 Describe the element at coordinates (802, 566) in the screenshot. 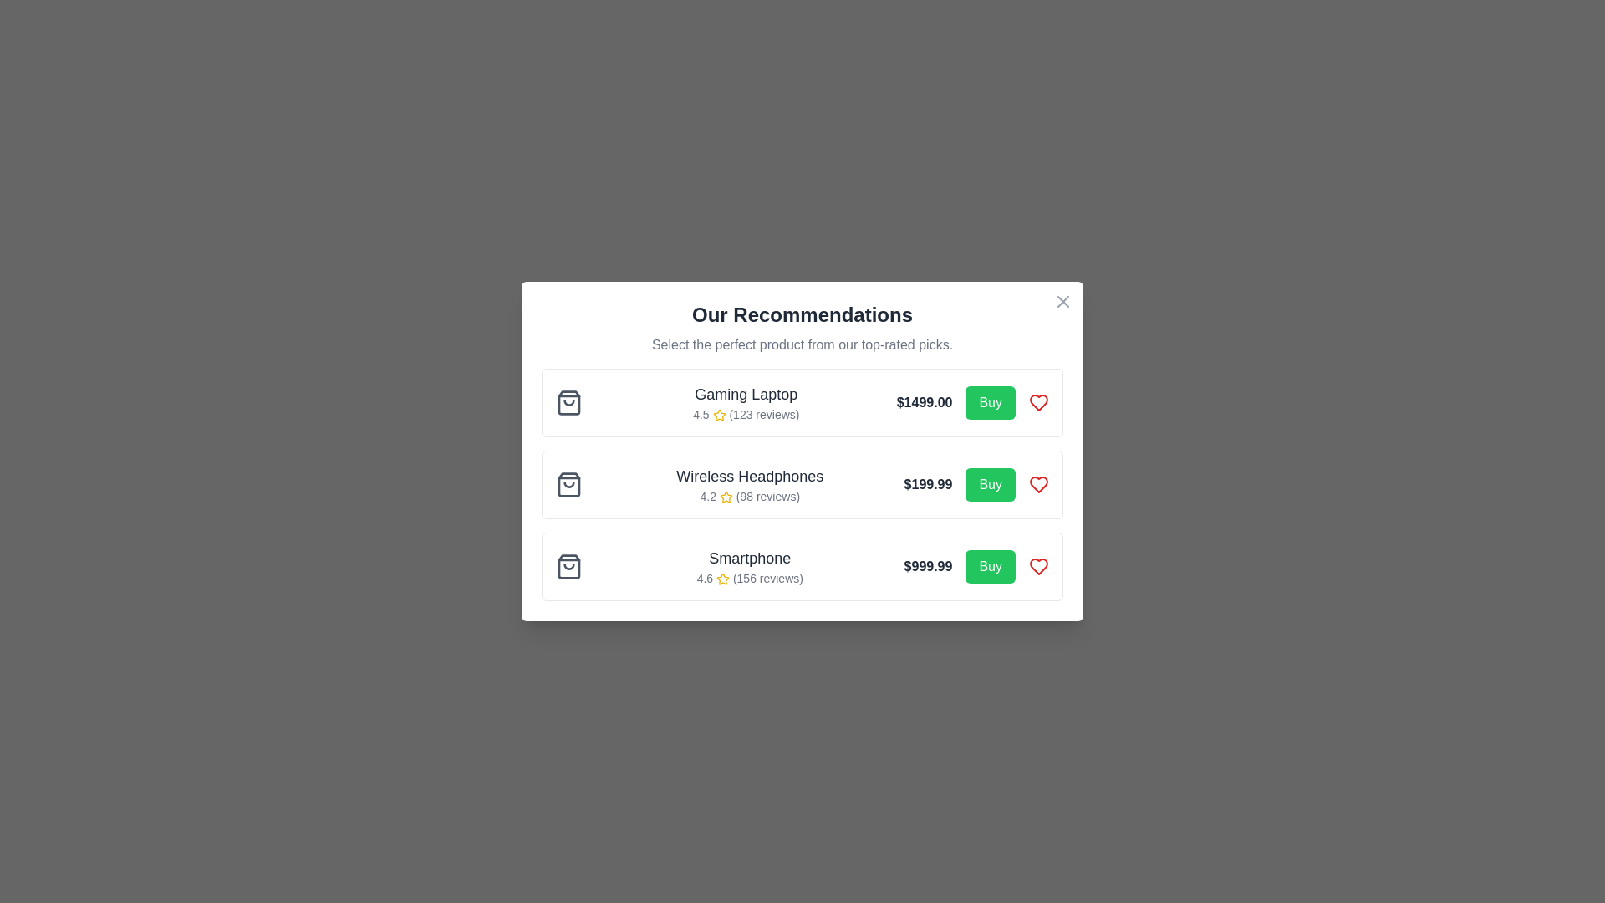

I see `the third product recommendation card` at that location.